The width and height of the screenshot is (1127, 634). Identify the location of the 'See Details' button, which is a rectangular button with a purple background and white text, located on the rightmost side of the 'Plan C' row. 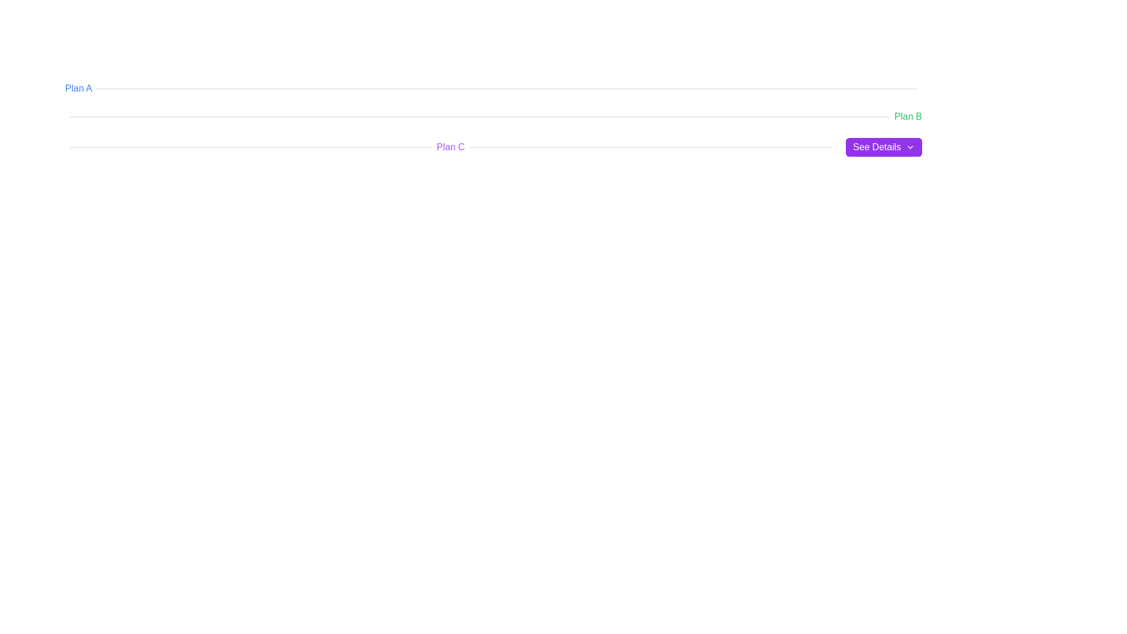
(884, 146).